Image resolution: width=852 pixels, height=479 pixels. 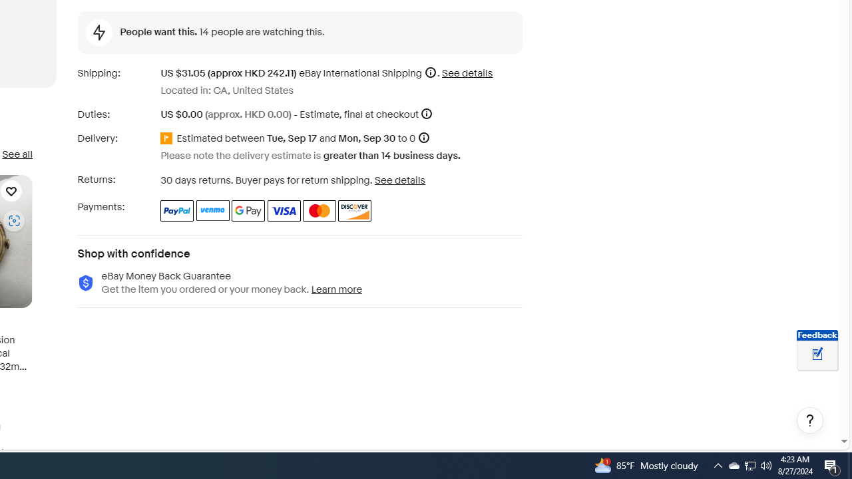 What do you see at coordinates (427, 113) in the screenshot?
I see `'More information'` at bounding box center [427, 113].